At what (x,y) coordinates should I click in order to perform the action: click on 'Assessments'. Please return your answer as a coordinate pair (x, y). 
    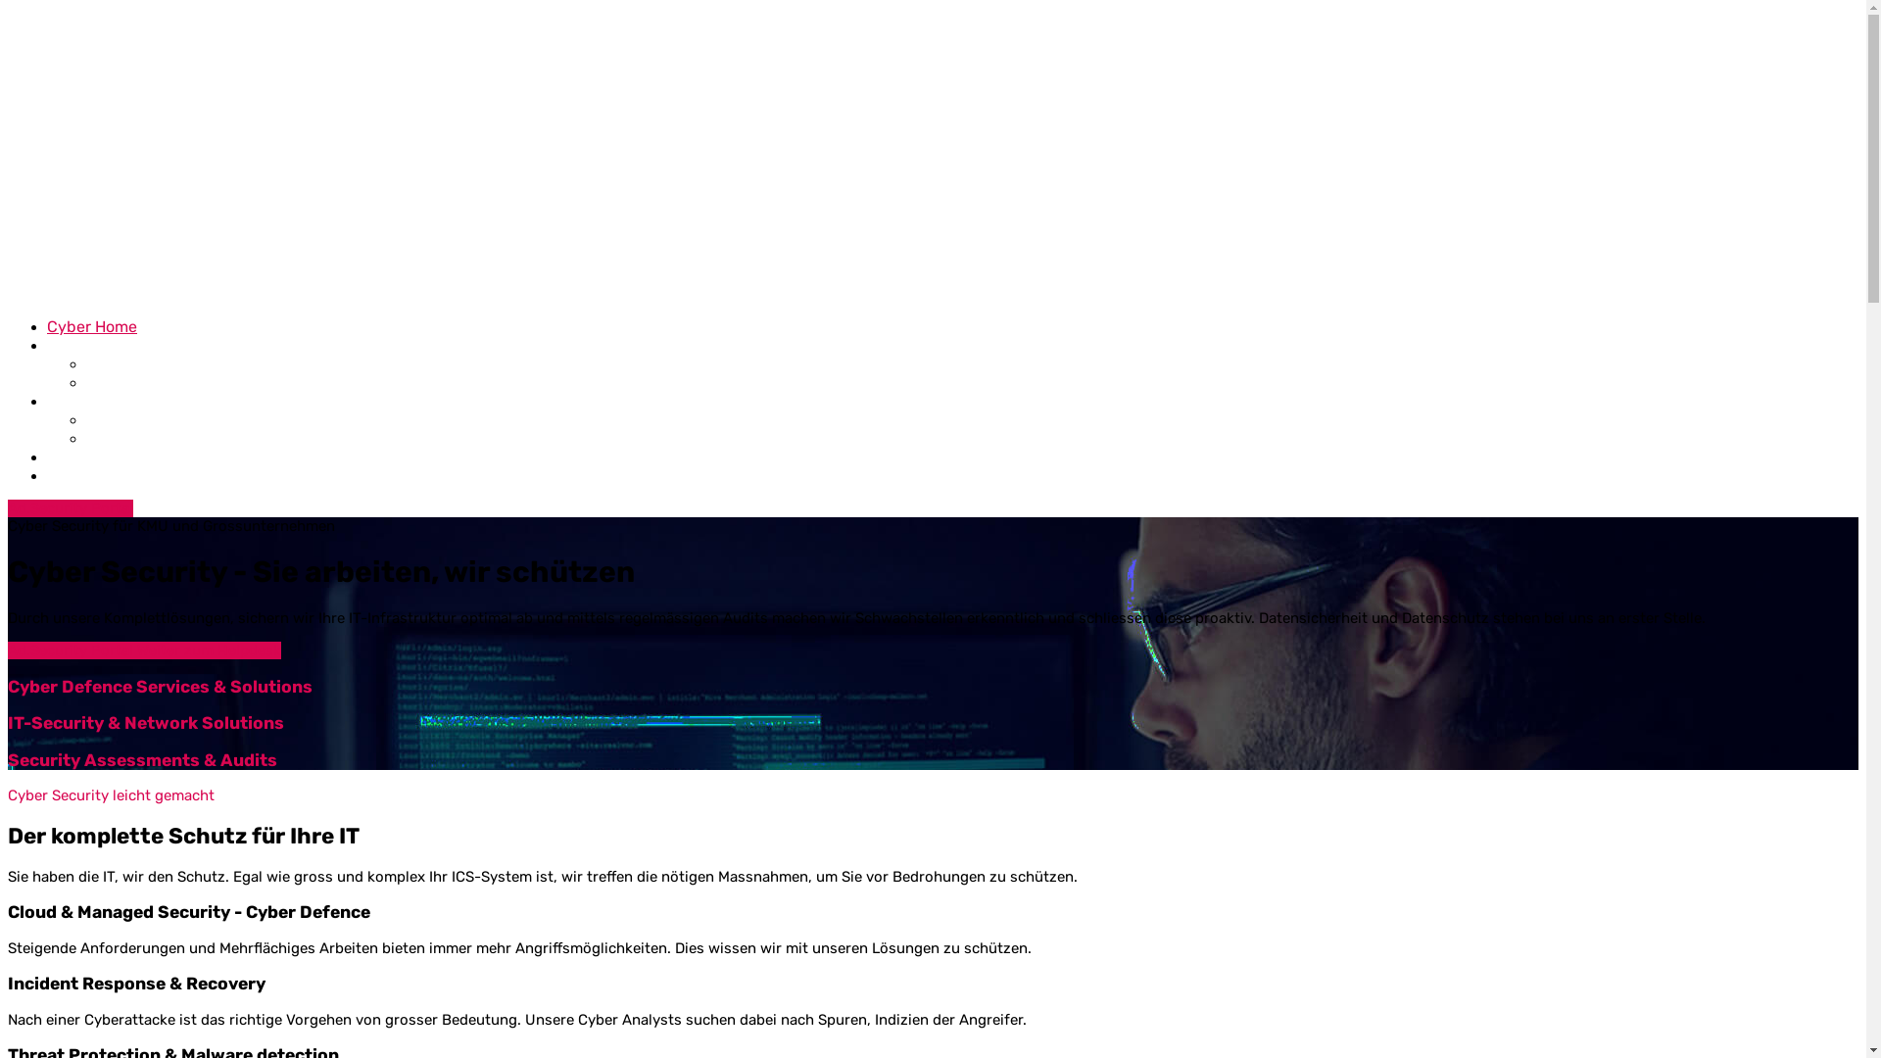
    Looking at the image, I should click on (84, 363).